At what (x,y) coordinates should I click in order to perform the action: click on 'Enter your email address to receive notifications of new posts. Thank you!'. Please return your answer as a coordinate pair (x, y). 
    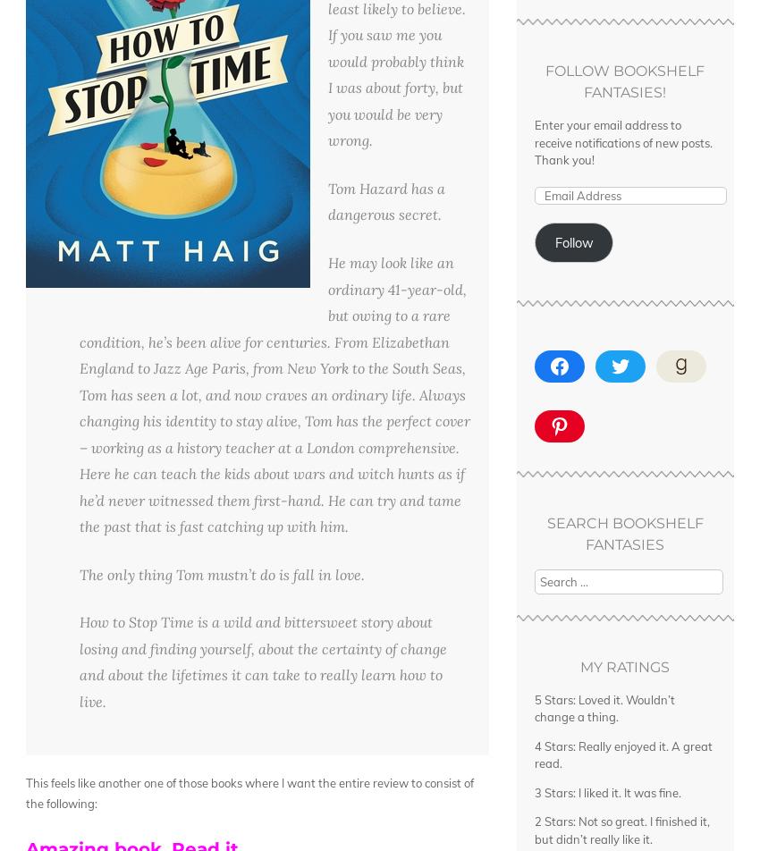
    Looking at the image, I should click on (533, 142).